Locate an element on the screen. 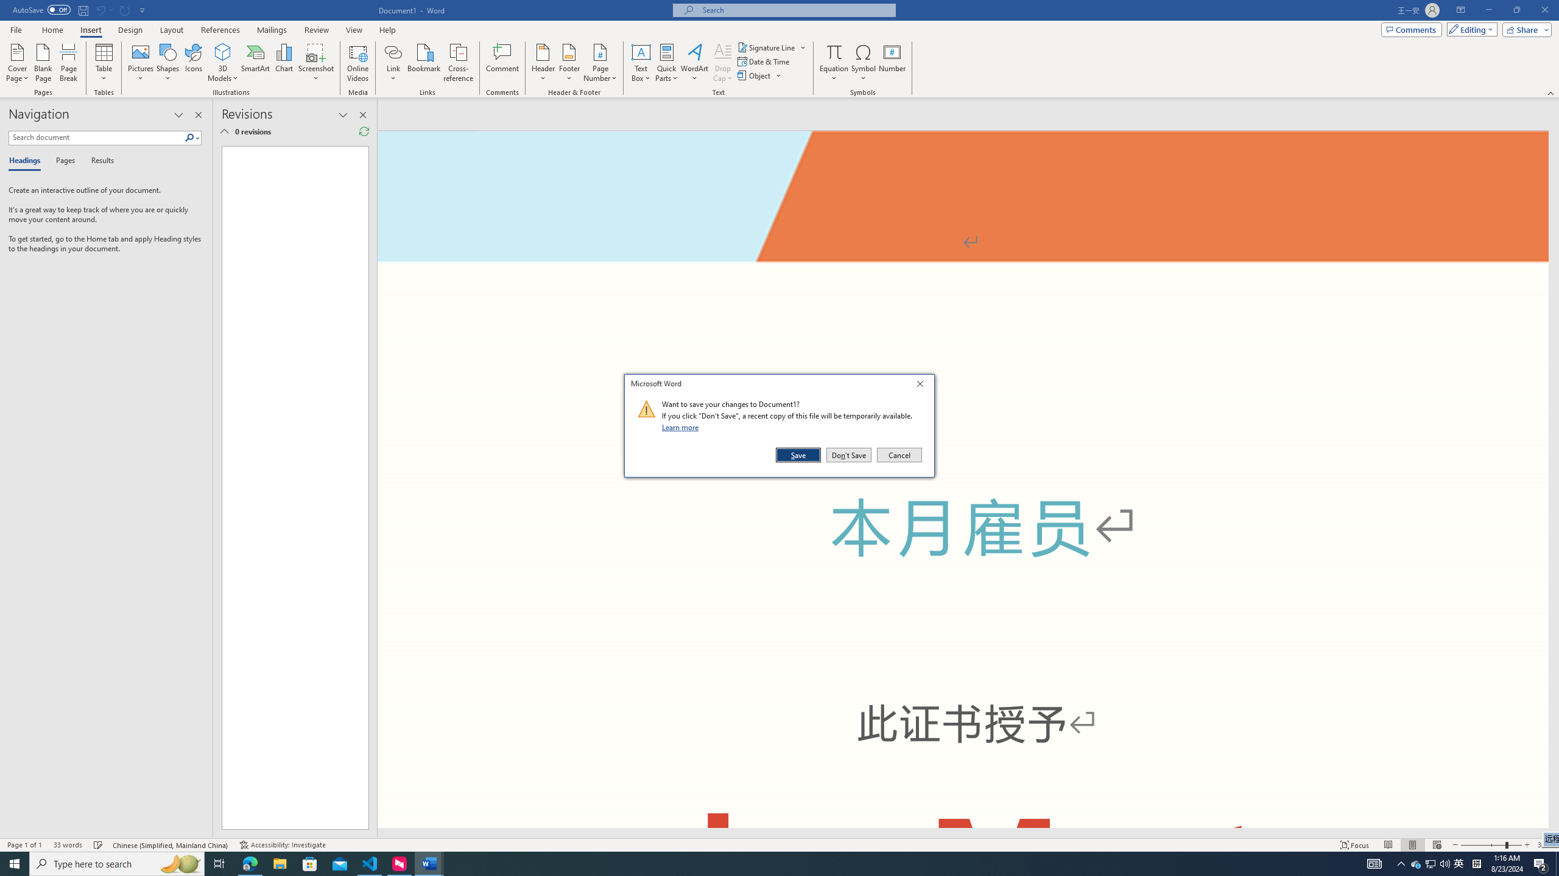 Image resolution: width=1559 pixels, height=876 pixels. 'Zoom' is located at coordinates (1490, 845).